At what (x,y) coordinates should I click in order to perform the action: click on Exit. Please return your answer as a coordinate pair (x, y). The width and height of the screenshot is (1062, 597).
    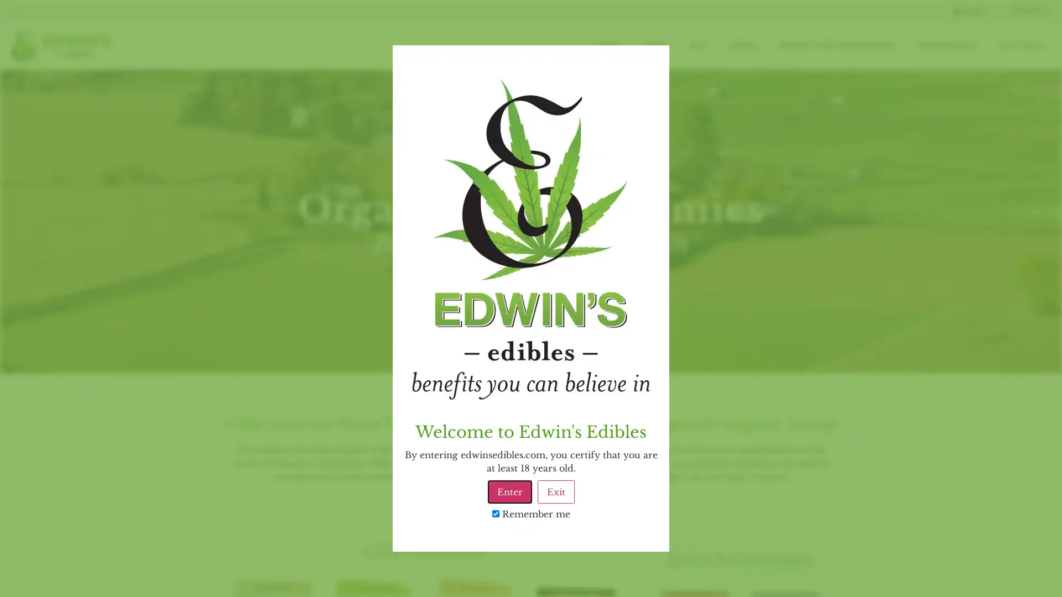
    Looking at the image, I should click on (555, 491).